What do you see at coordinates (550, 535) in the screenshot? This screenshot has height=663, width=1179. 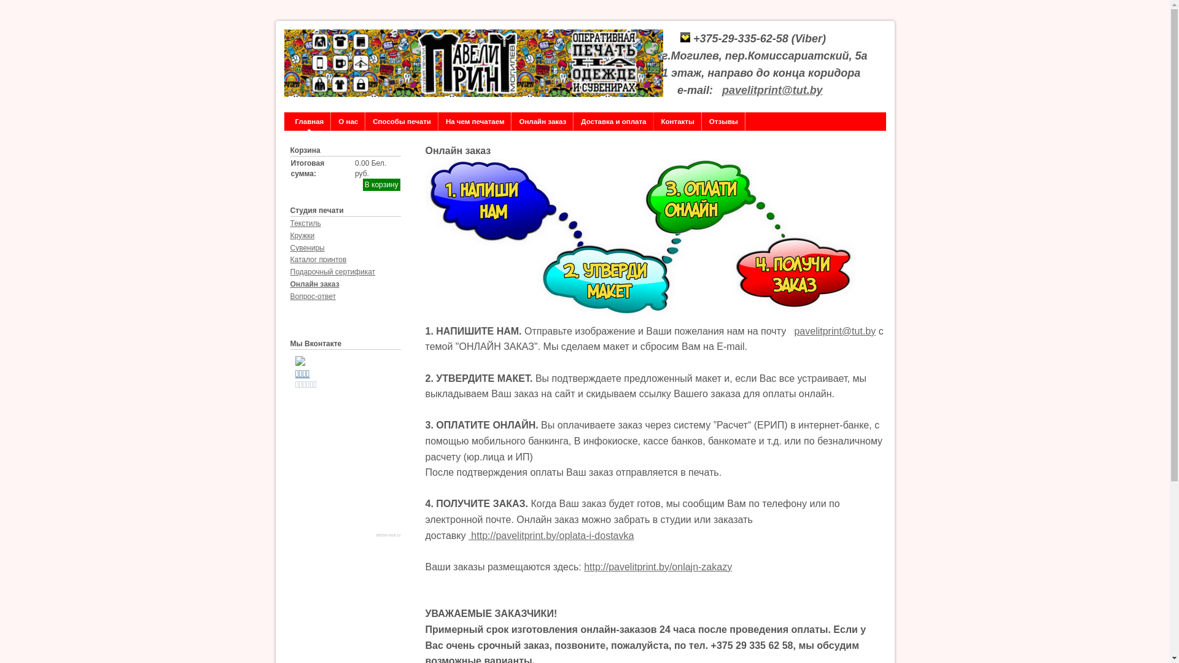 I see `' http://pavelitprint.by/oplata-i-dostavka'` at bounding box center [550, 535].